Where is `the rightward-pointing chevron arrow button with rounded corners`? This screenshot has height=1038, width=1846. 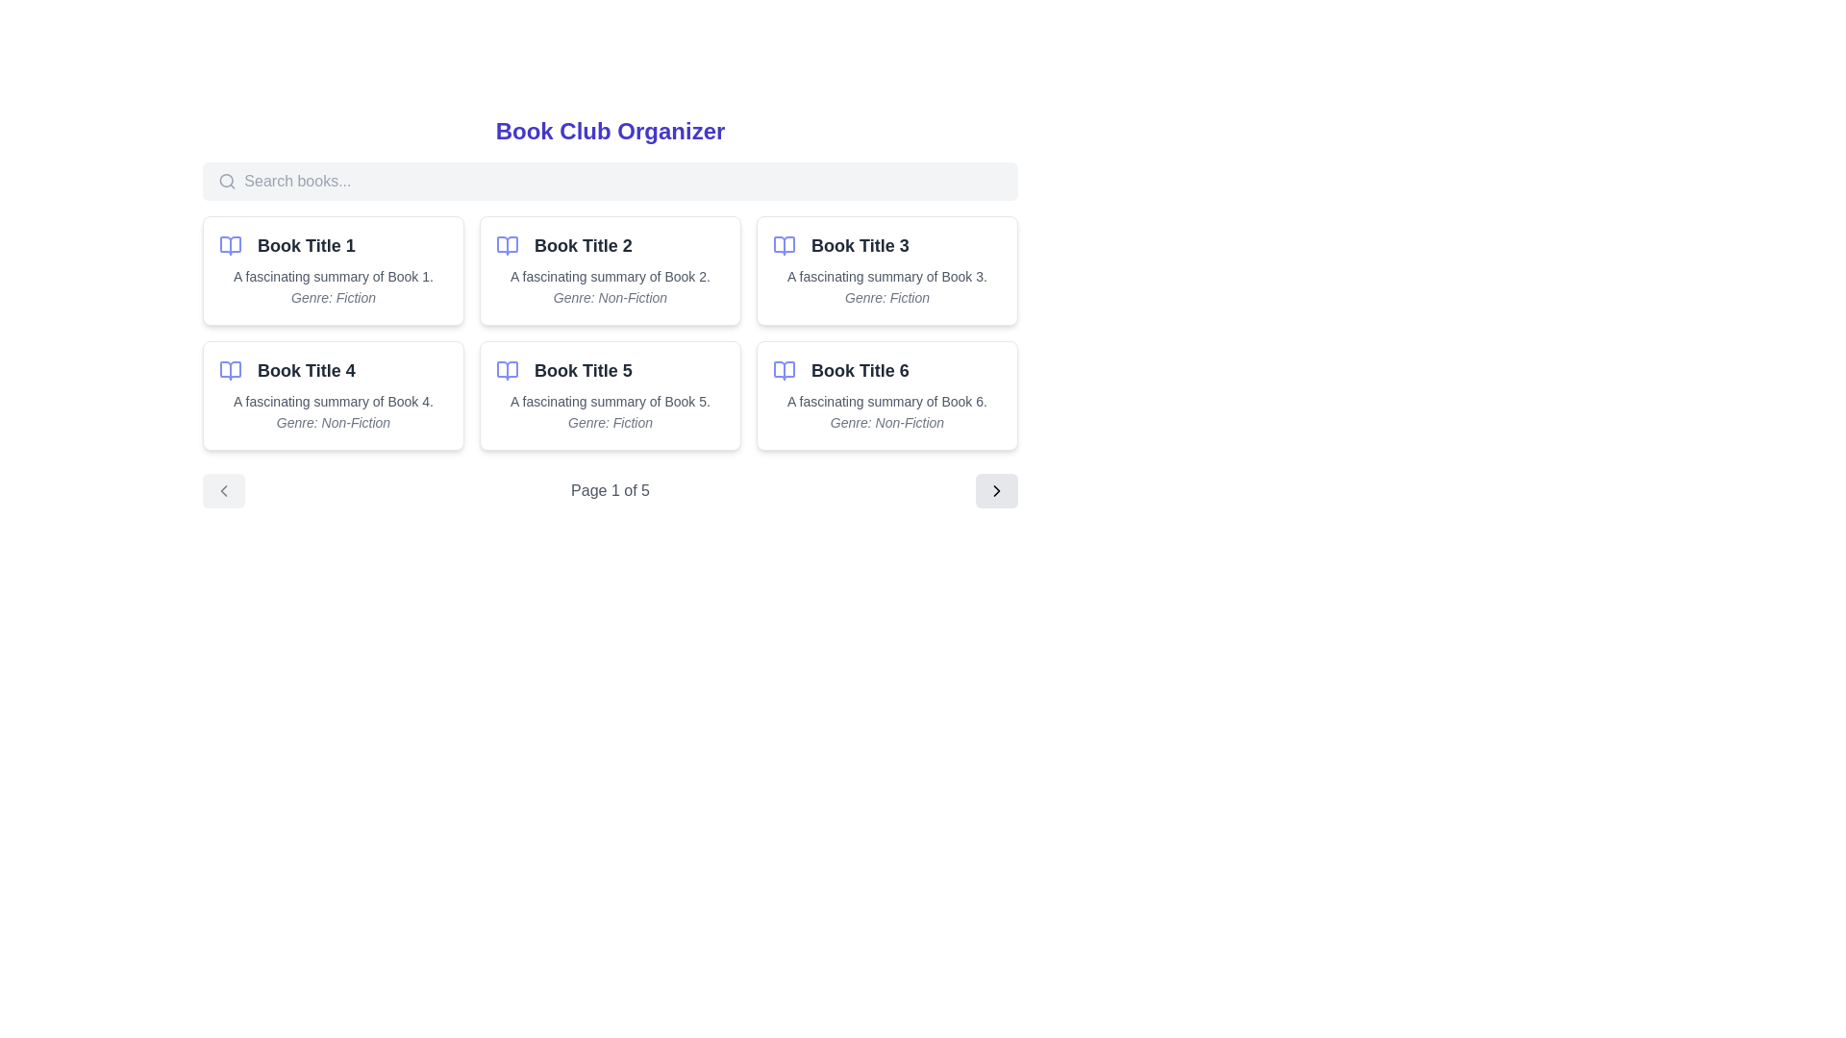
the rightward-pointing chevron arrow button with rounded corners is located at coordinates (996, 489).